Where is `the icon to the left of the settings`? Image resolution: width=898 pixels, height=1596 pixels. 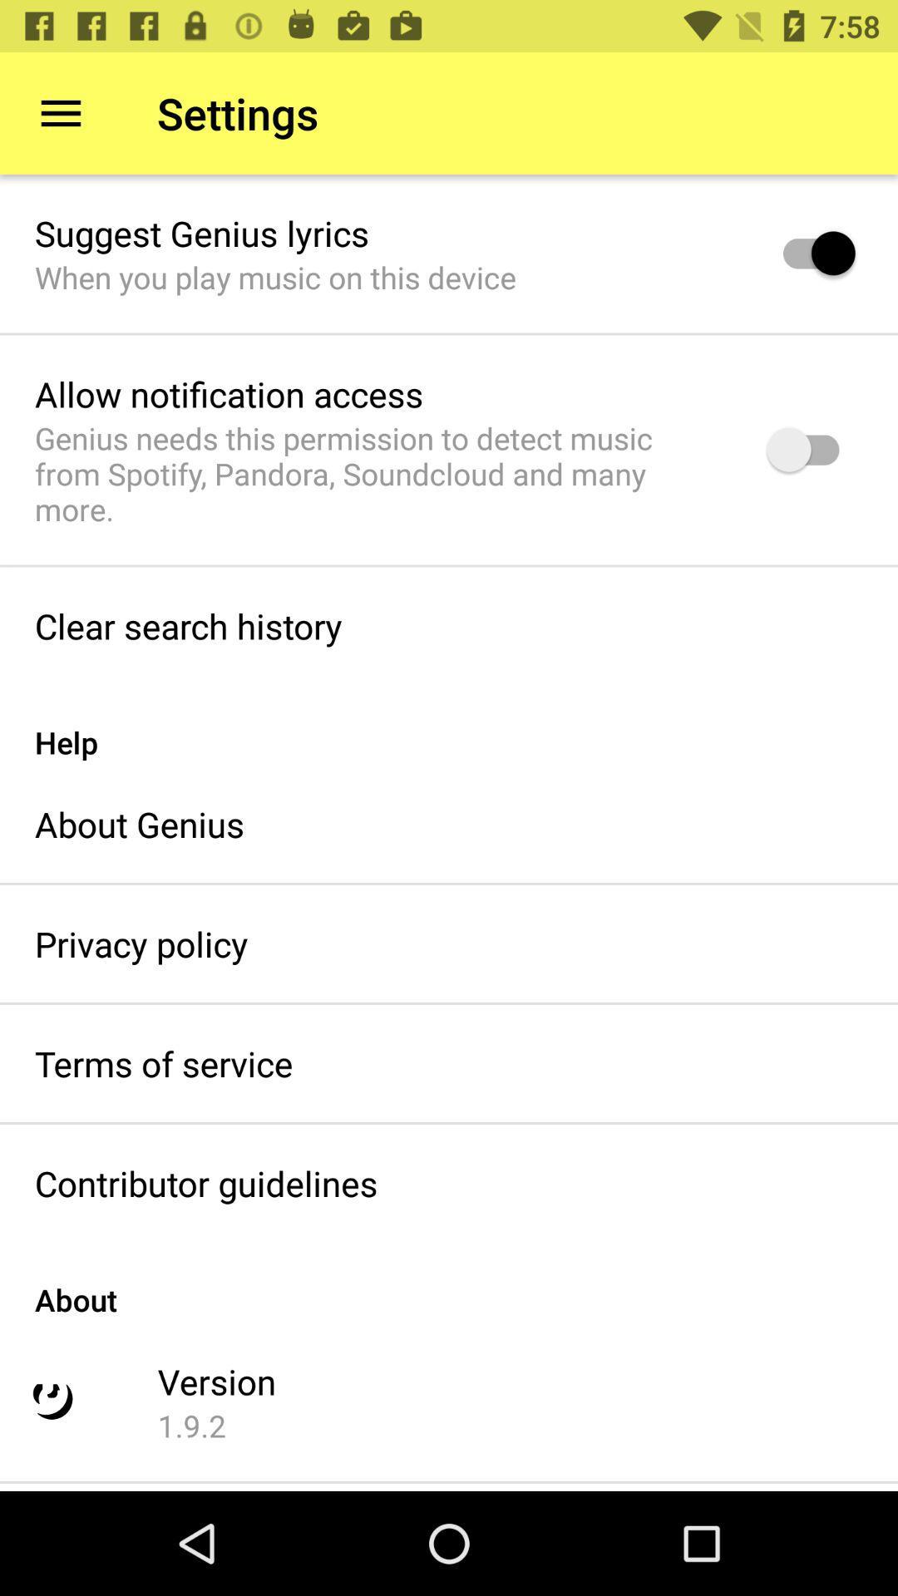 the icon to the left of the settings is located at coordinates (60, 112).